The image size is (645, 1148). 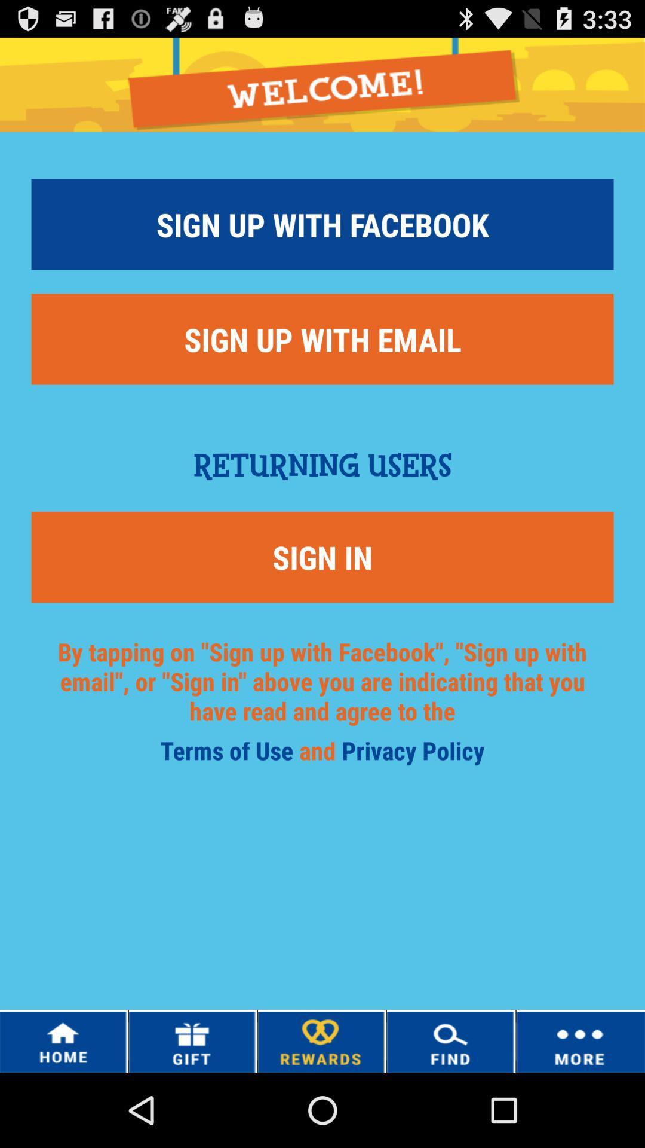 I want to click on the icon below sign in item, so click(x=322, y=695).